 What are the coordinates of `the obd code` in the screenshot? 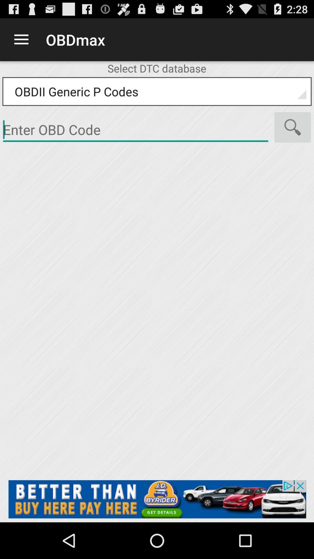 It's located at (157, 499).